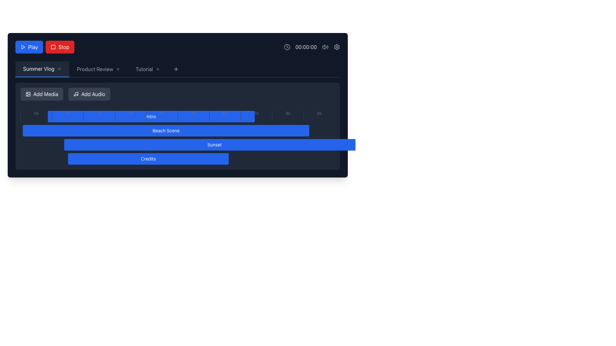 The image size is (616, 346). What do you see at coordinates (176, 69) in the screenshot?
I see `the 'plus' icon button located at the far right end of the tab interface` at bounding box center [176, 69].